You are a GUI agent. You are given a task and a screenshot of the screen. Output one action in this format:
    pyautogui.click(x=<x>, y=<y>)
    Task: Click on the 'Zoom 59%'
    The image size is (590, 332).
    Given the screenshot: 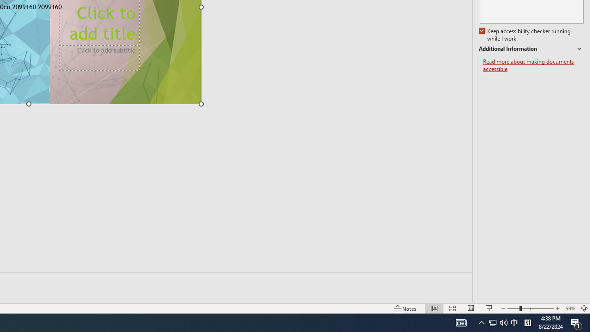 What is the action you would take?
    pyautogui.click(x=570, y=308)
    